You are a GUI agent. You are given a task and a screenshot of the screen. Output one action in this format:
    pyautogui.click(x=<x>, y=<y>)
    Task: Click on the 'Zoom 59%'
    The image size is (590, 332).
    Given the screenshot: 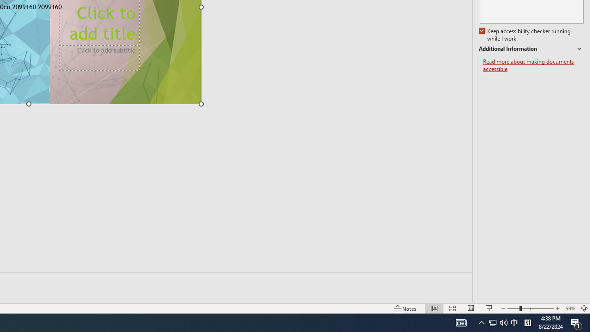 What is the action you would take?
    pyautogui.click(x=570, y=308)
    